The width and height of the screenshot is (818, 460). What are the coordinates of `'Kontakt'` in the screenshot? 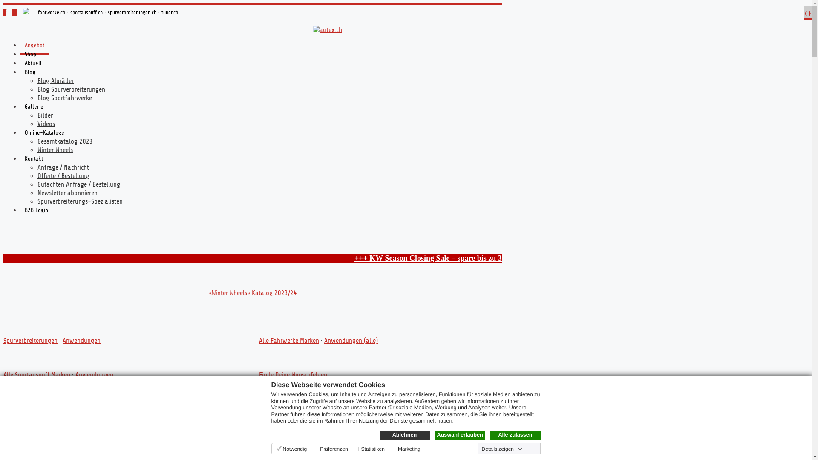 It's located at (34, 161).